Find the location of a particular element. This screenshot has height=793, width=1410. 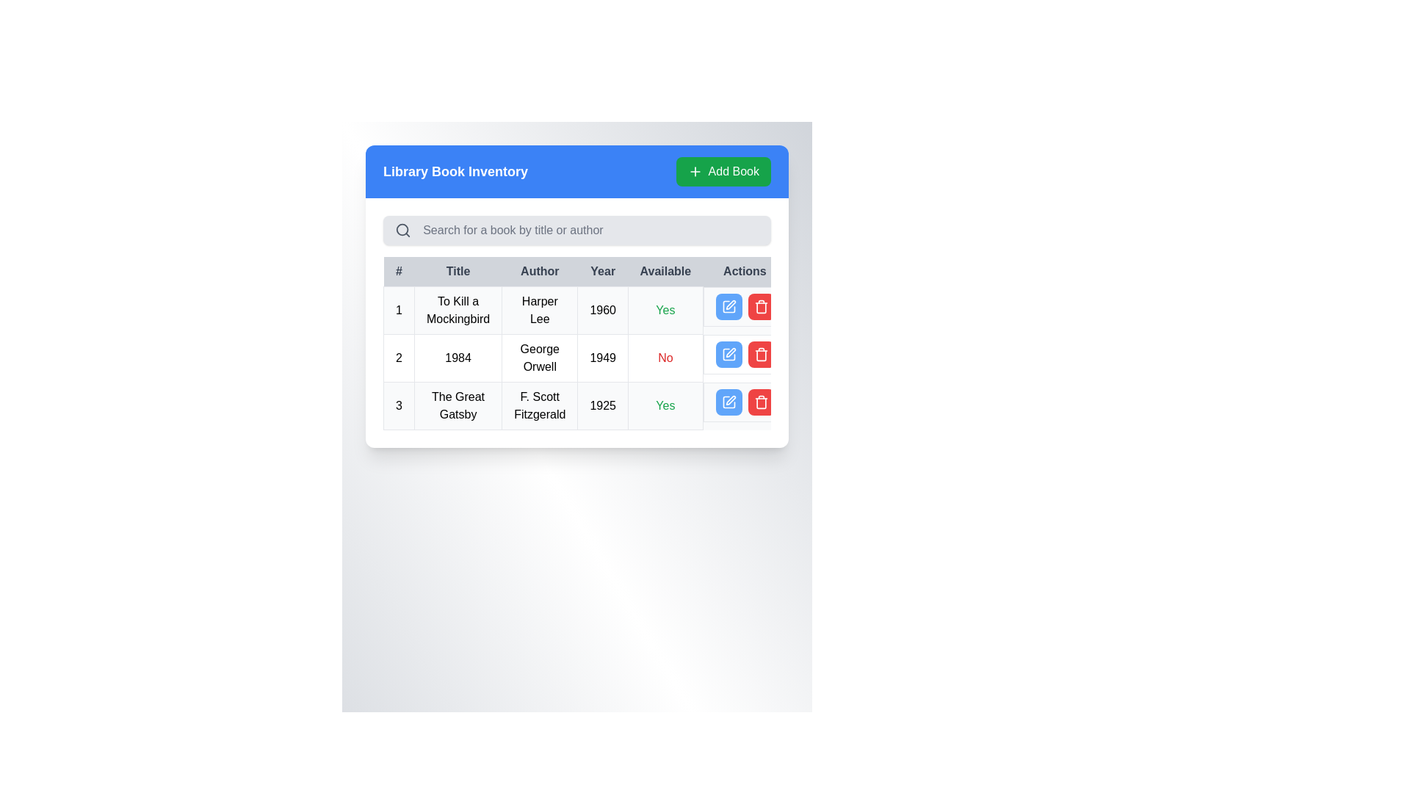

the delete button located in the 'Actions' column of the second row for the book entry '1984' by George Orwell is located at coordinates (761, 354).